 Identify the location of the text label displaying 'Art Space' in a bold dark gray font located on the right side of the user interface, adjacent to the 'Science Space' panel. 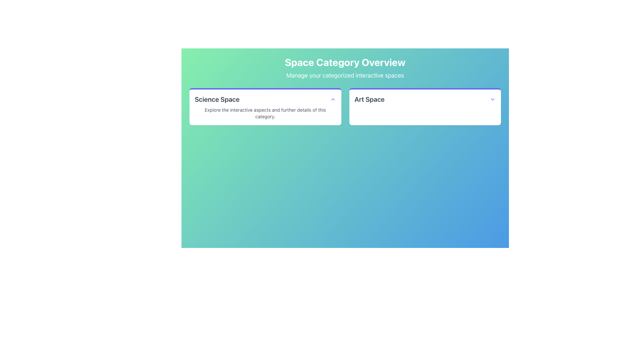
(369, 99).